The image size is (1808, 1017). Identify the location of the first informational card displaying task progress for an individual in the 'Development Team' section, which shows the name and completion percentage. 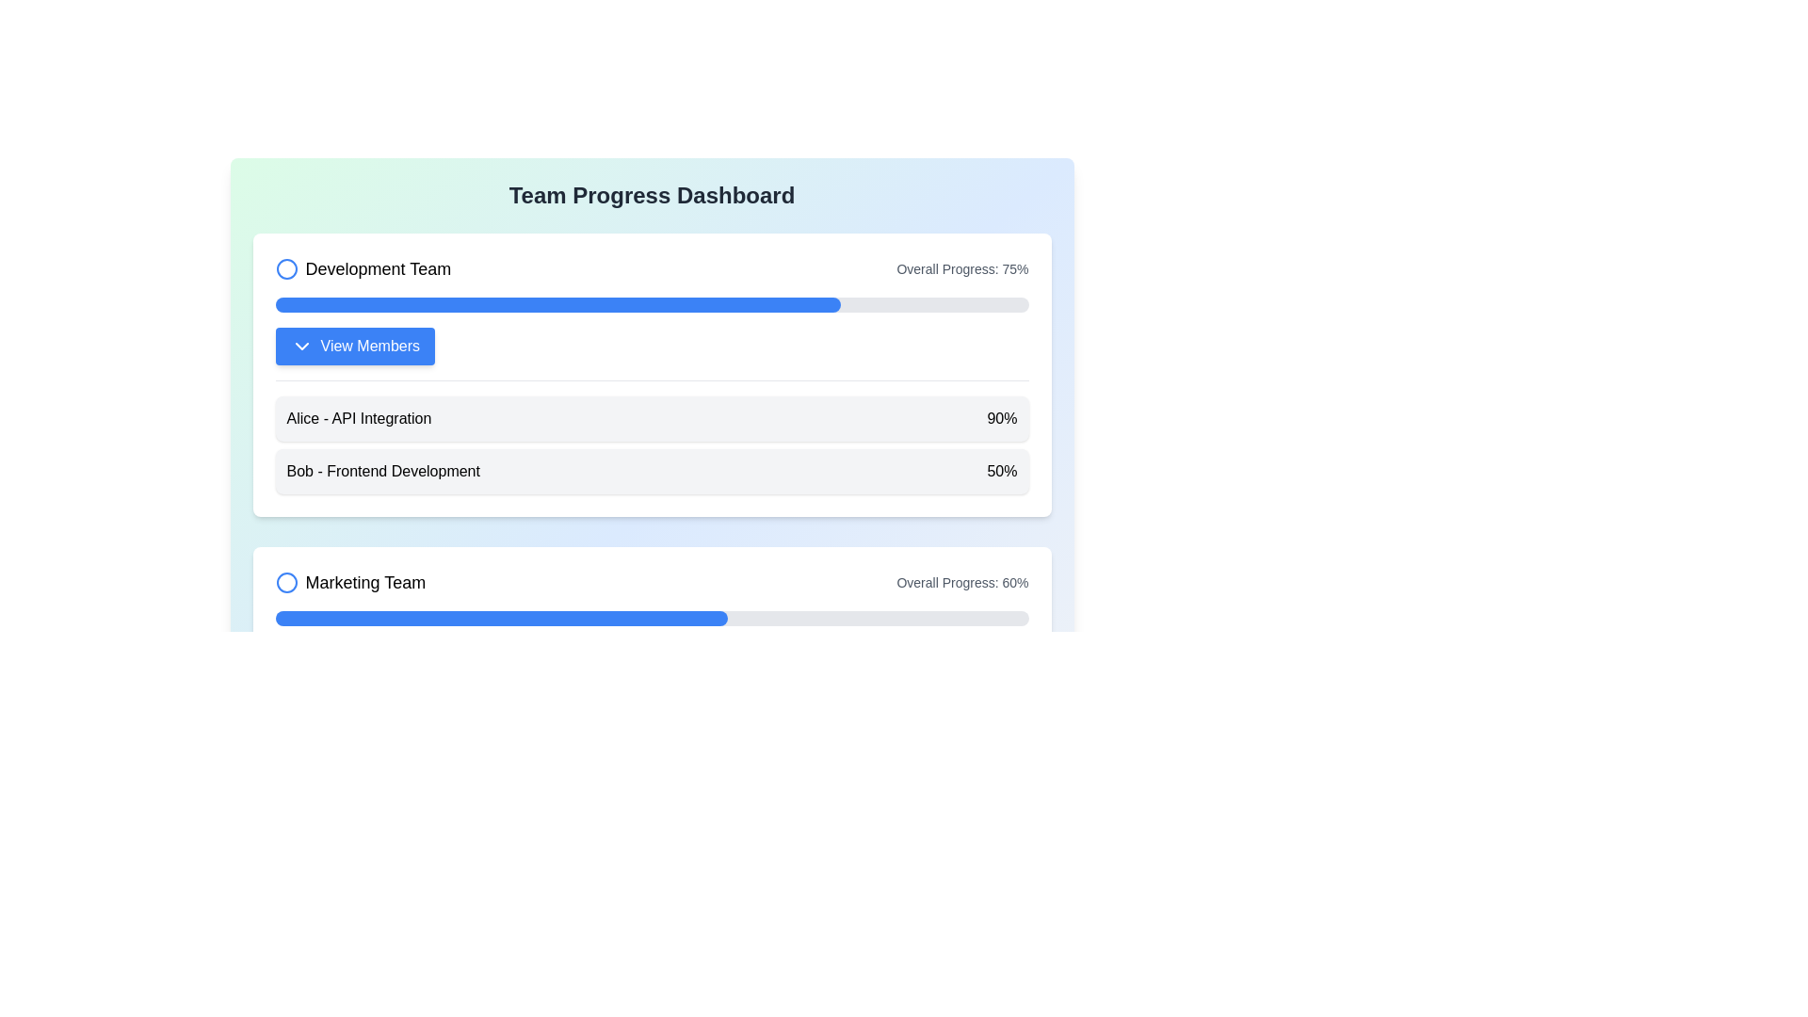
(652, 417).